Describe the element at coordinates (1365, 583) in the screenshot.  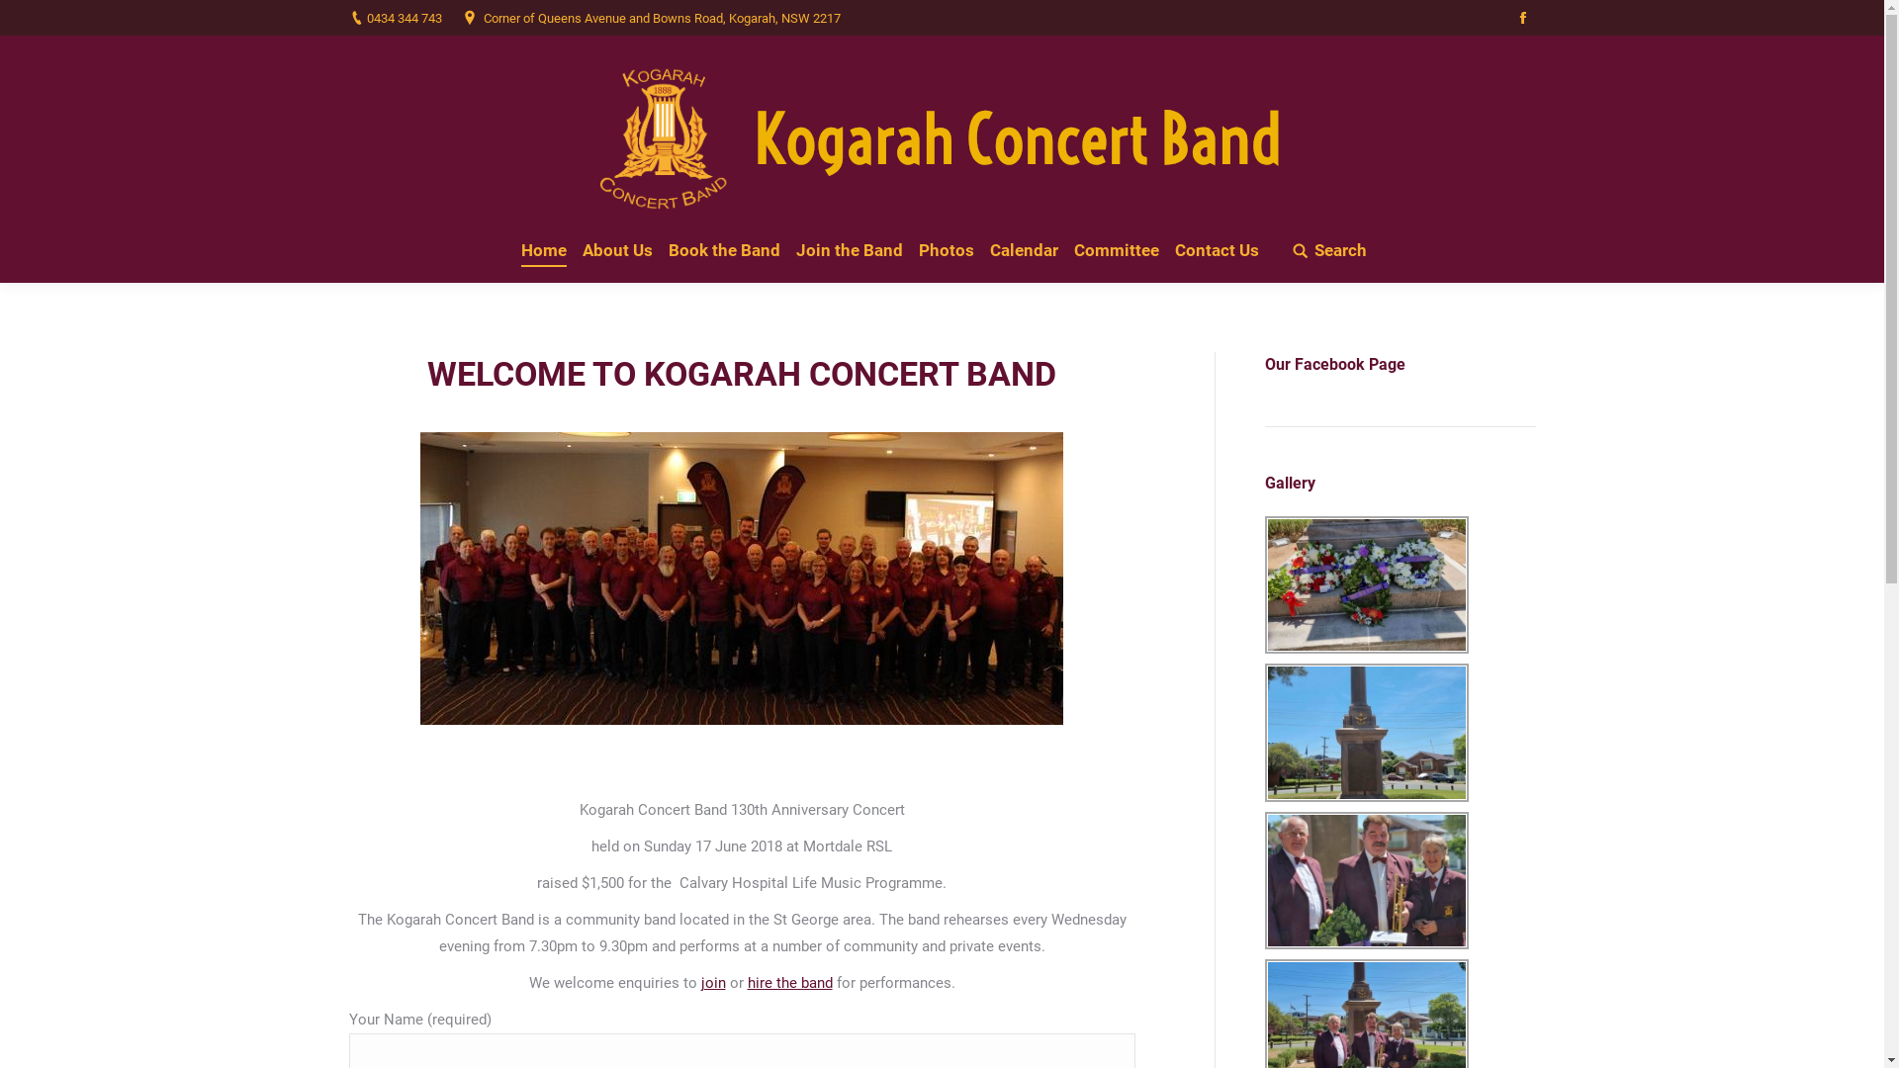
I see `'Remembrance-Day-2023-.jpg5_'` at that location.